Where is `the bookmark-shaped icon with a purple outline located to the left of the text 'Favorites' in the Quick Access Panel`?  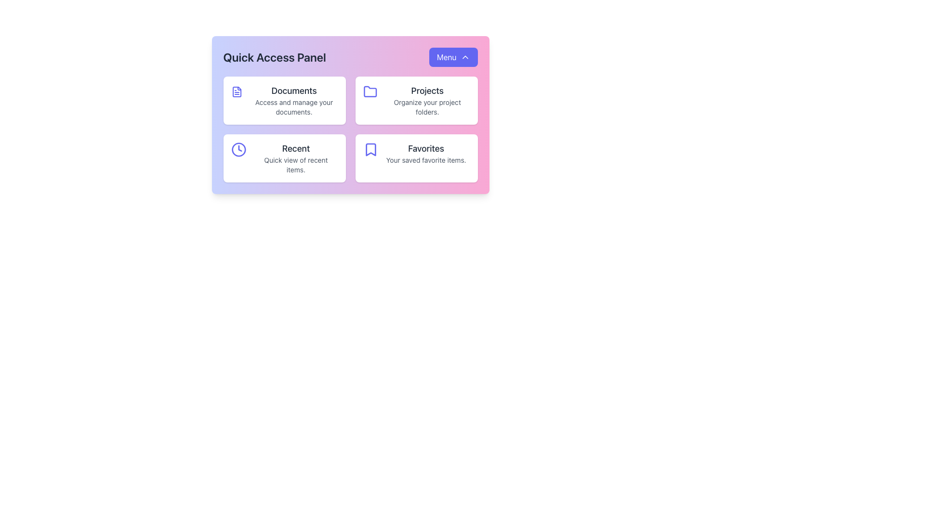 the bookmark-shaped icon with a purple outline located to the left of the text 'Favorites' in the Quick Access Panel is located at coordinates (370, 150).